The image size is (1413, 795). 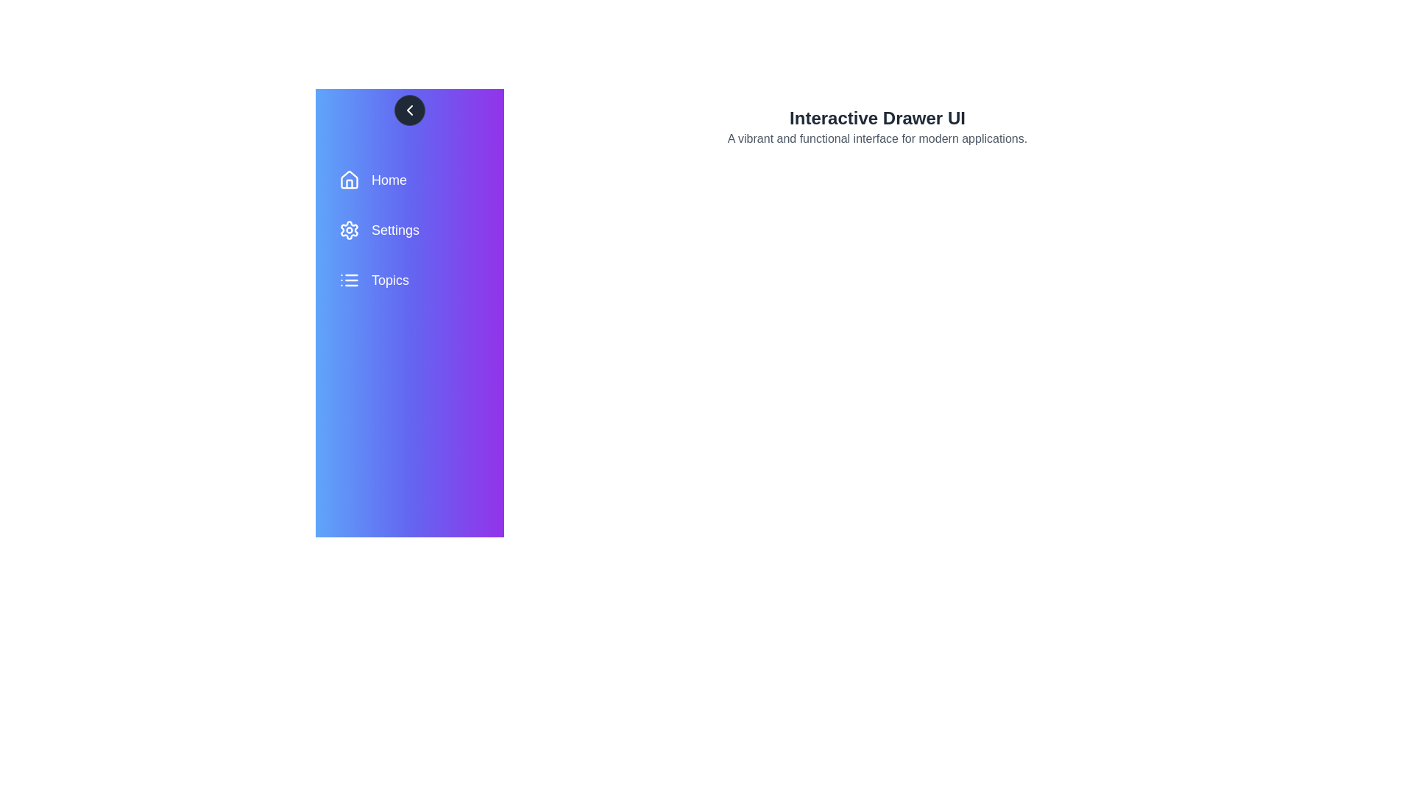 What do you see at coordinates (409, 110) in the screenshot?
I see `chevron button to toggle the drawer state` at bounding box center [409, 110].